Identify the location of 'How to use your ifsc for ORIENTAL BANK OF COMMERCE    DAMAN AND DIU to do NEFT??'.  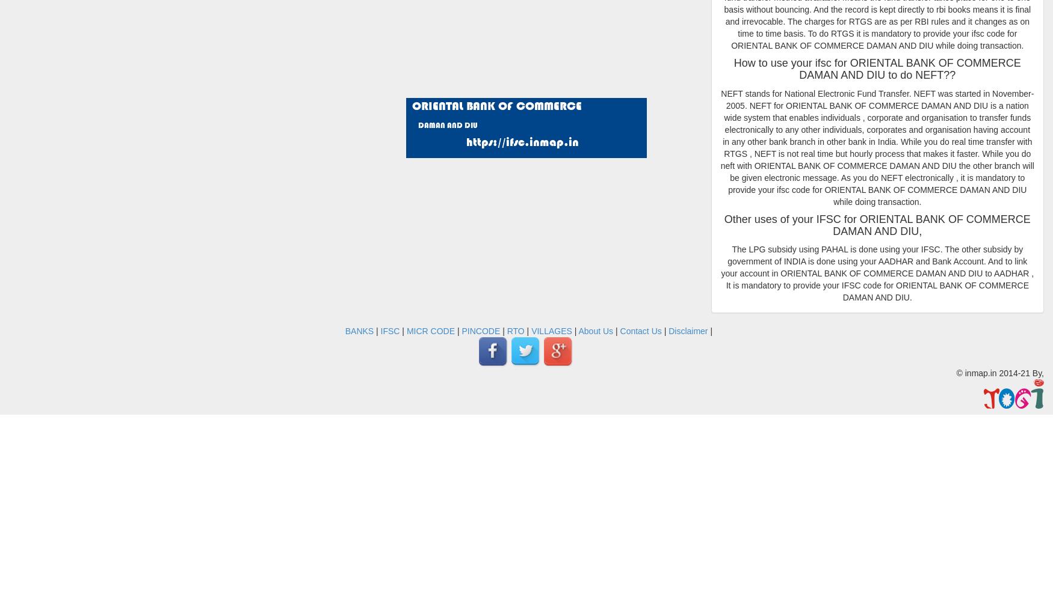
(877, 68).